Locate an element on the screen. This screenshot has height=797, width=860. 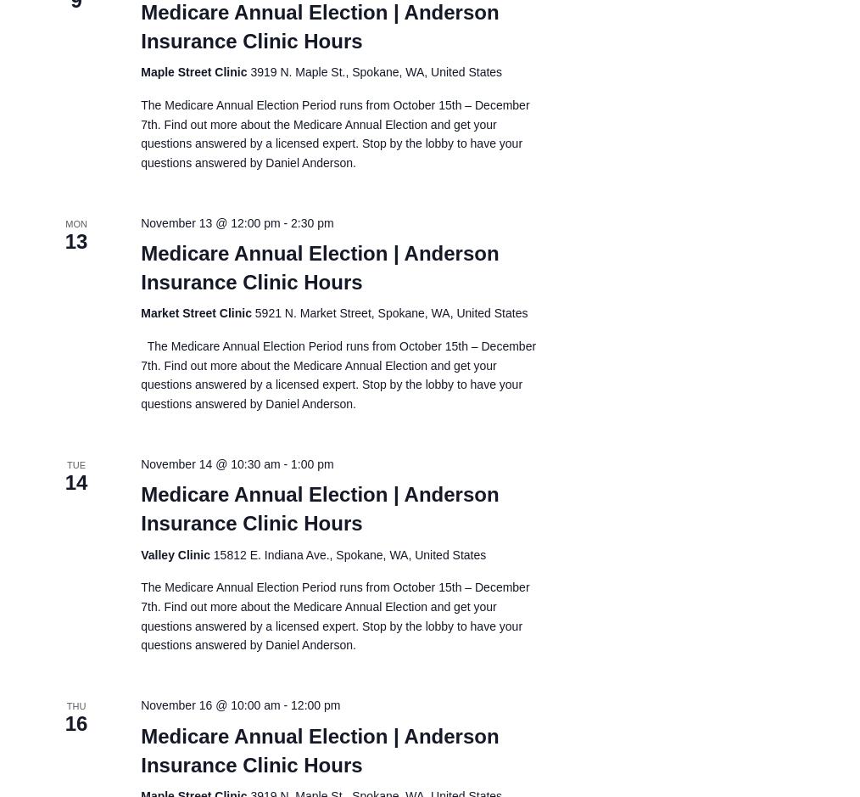
'14' is located at coordinates (64, 481).